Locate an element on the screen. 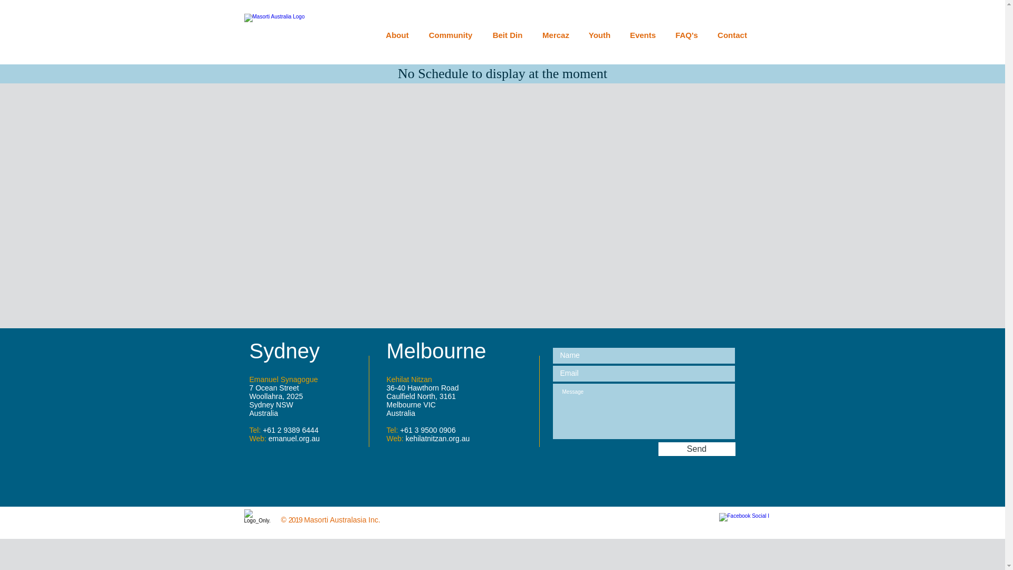  'Community' is located at coordinates (418, 34).